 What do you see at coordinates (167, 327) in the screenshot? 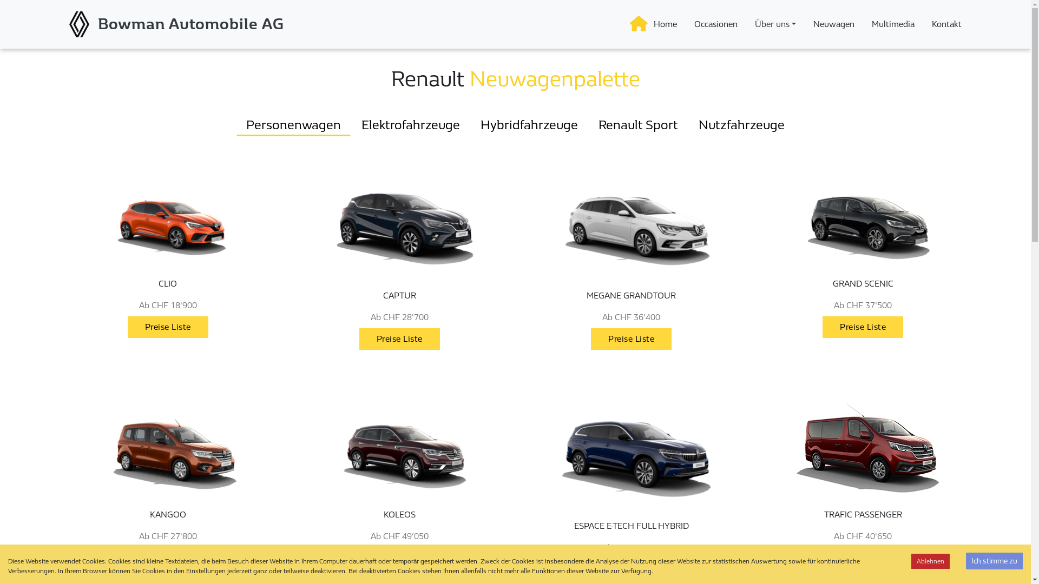
I see `'Preise Liste'` at bounding box center [167, 327].